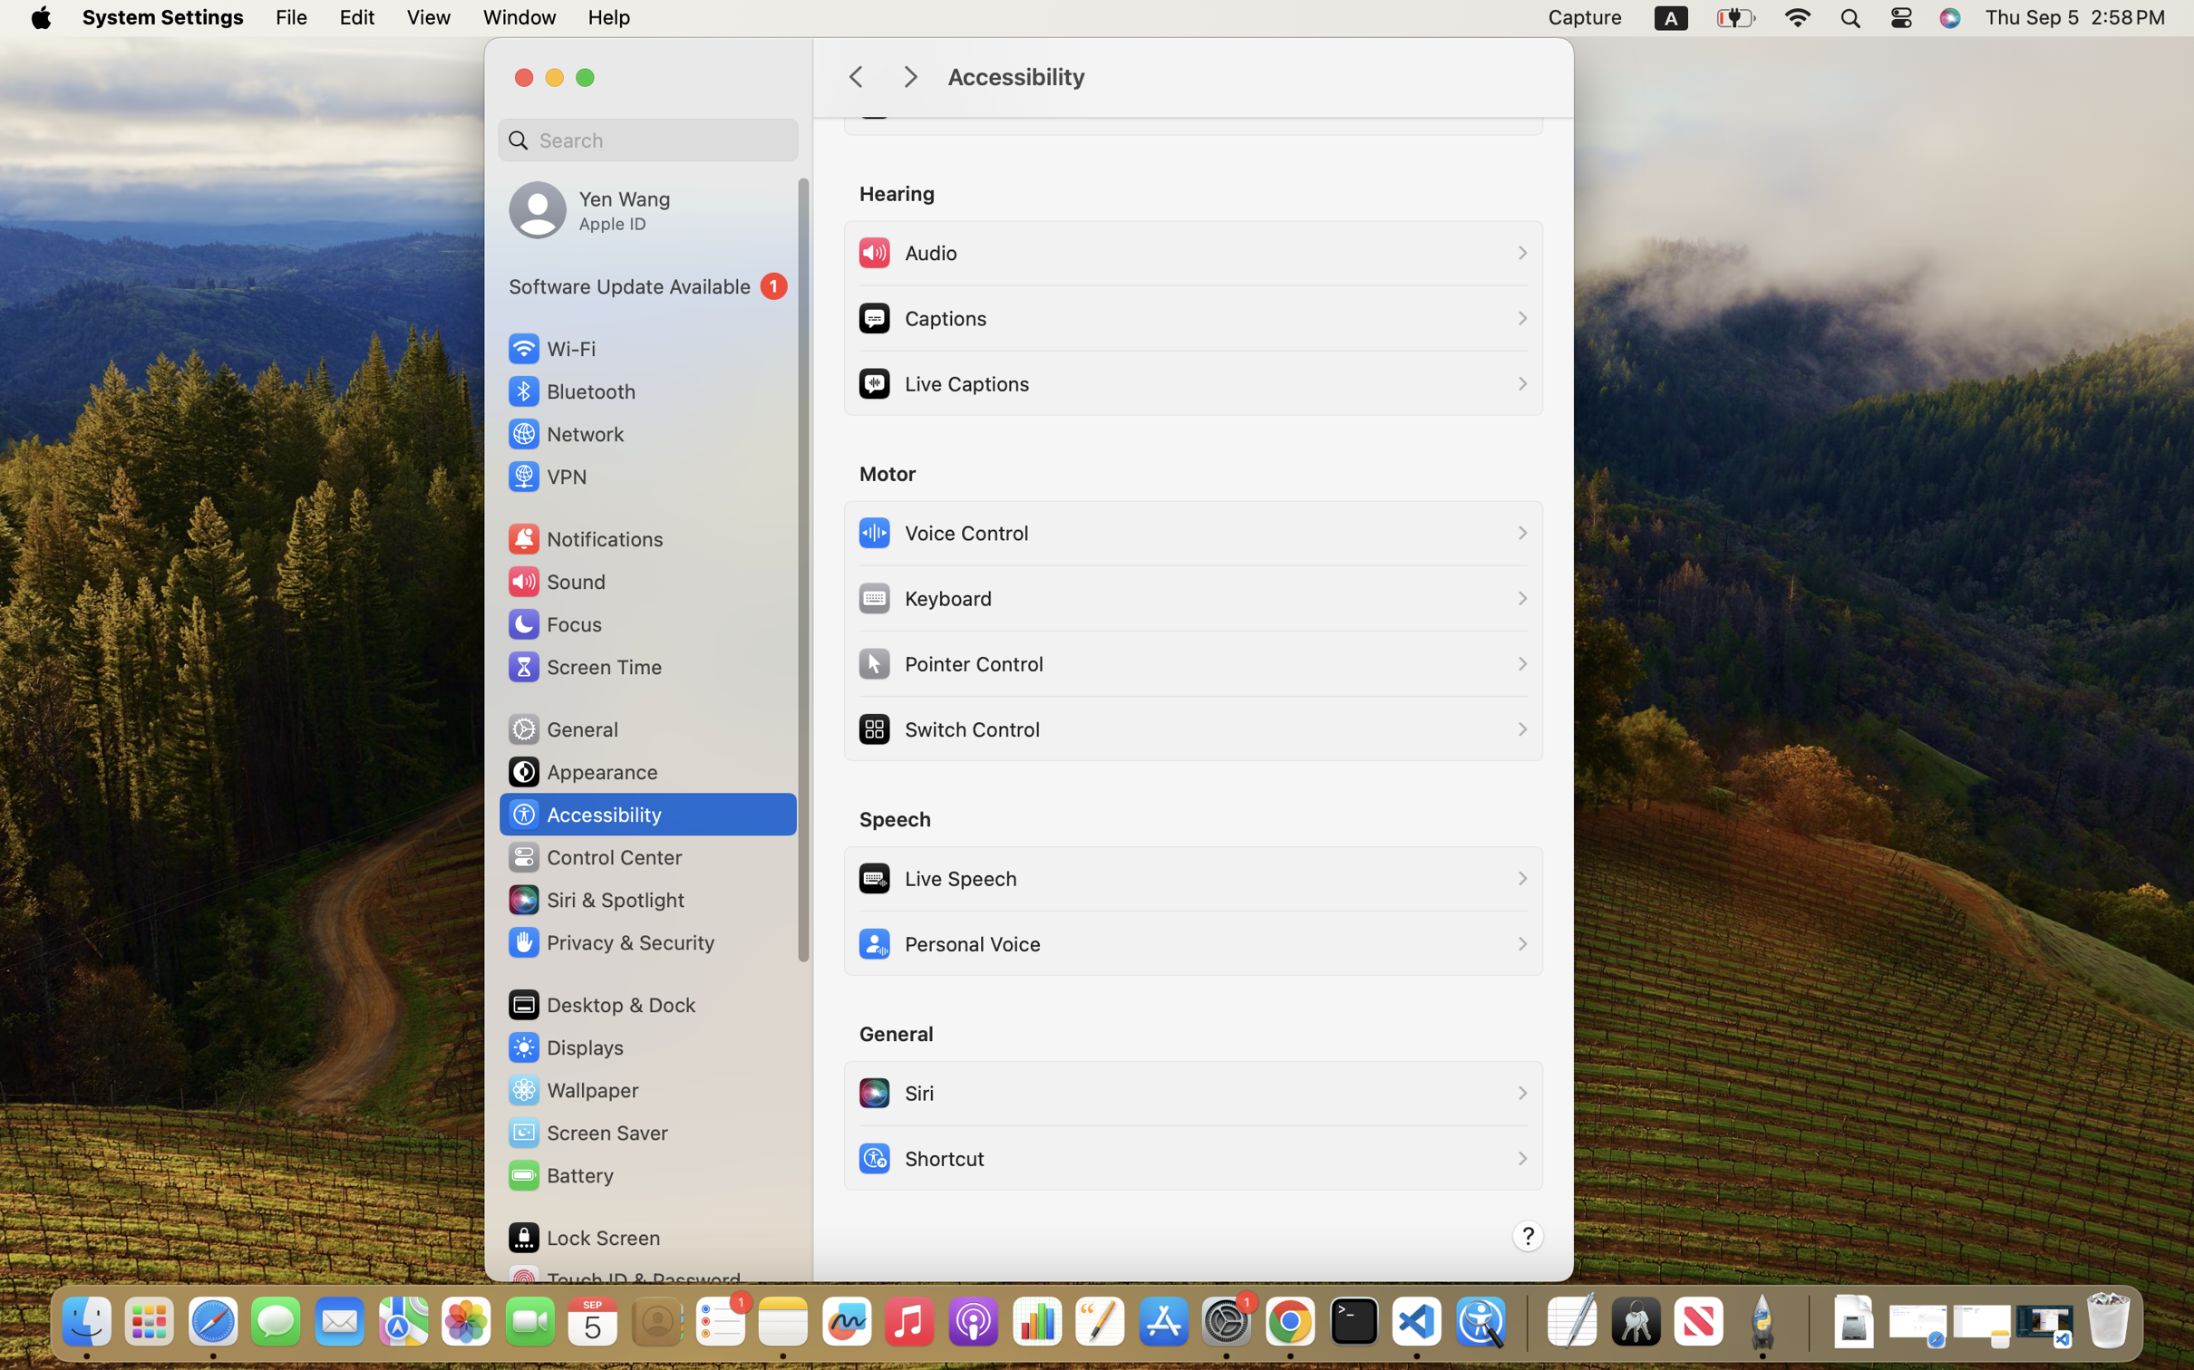 The width and height of the screenshot is (2194, 1370). What do you see at coordinates (570, 391) in the screenshot?
I see `'Bluetooth'` at bounding box center [570, 391].